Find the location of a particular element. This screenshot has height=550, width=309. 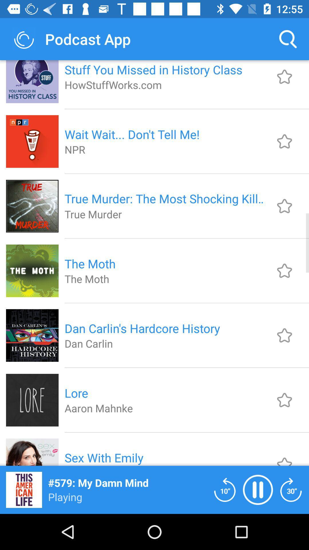

save is located at coordinates (284, 141).